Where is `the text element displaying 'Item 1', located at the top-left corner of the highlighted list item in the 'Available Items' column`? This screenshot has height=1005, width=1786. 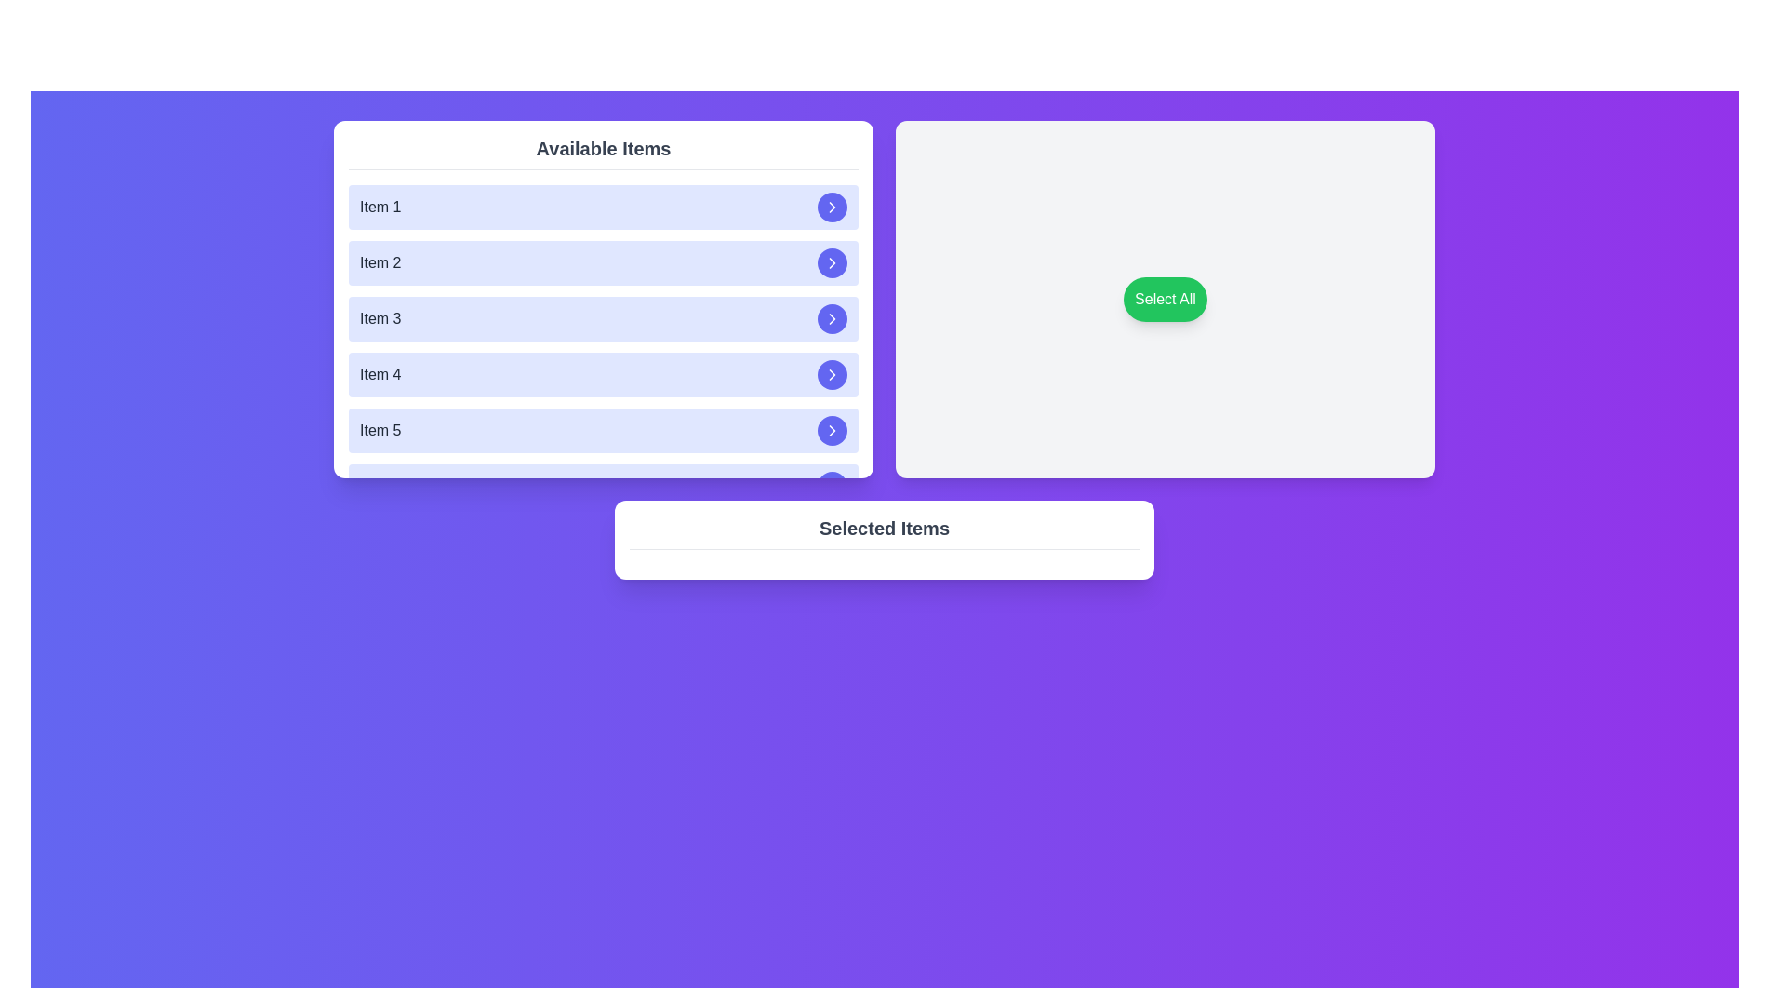
the text element displaying 'Item 1', located at the top-left corner of the highlighted list item in the 'Available Items' column is located at coordinates (380, 208).